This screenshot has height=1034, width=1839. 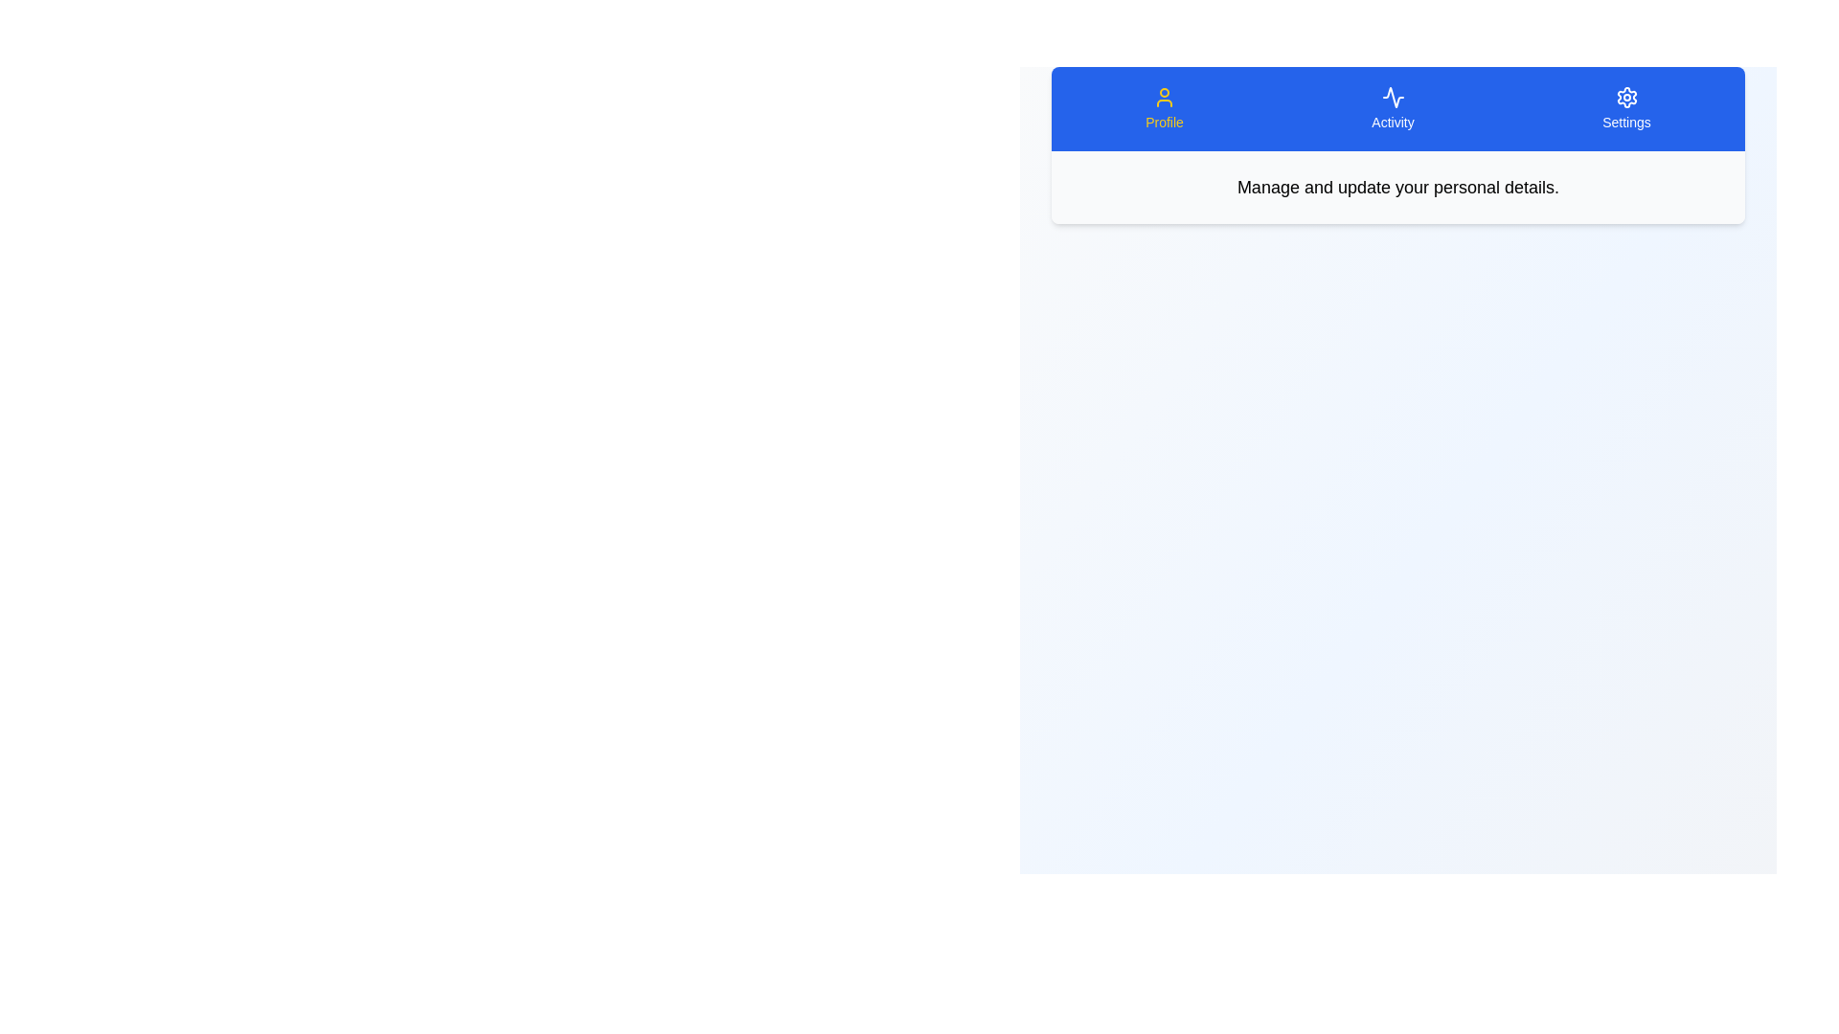 What do you see at coordinates (1625, 109) in the screenshot?
I see `the Settings icon to activate the corresponding tab` at bounding box center [1625, 109].